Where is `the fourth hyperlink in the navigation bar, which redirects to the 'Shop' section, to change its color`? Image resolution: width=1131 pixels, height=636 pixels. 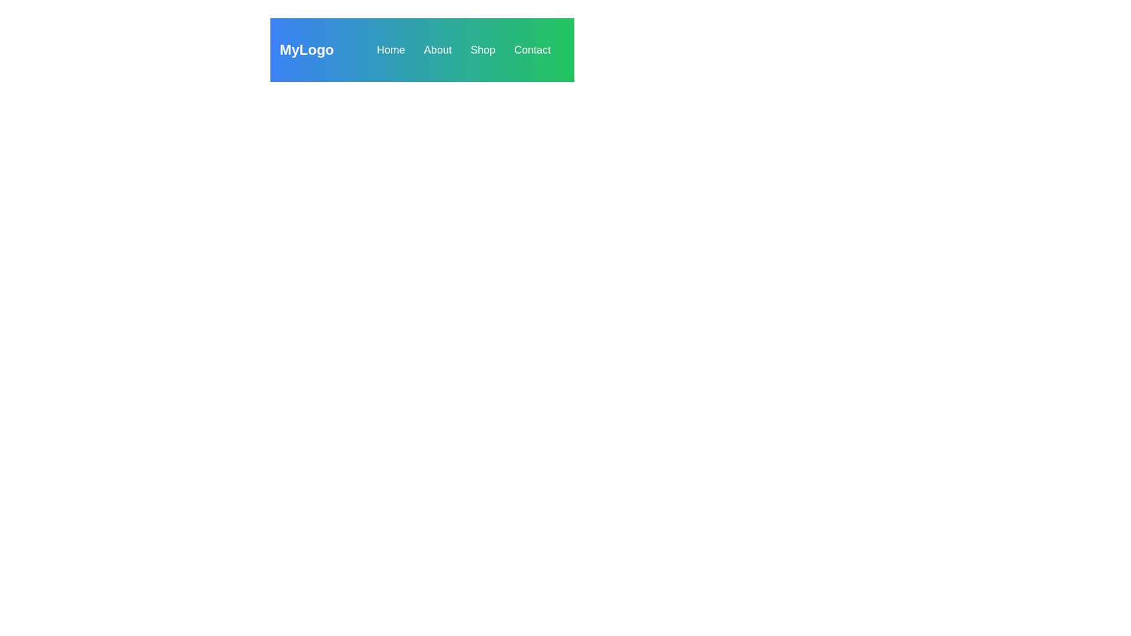 the fourth hyperlink in the navigation bar, which redirects to the 'Shop' section, to change its color is located at coordinates (482, 49).